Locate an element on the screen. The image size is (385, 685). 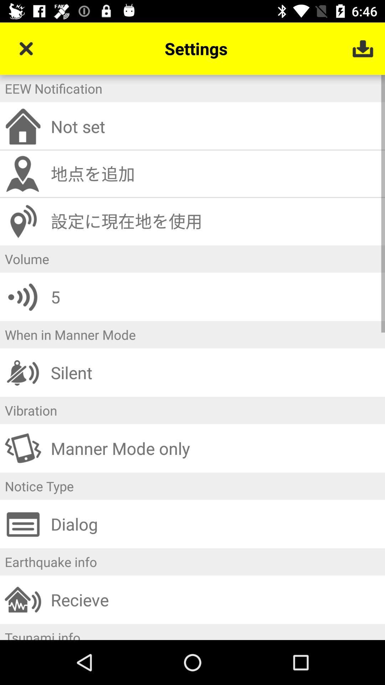
the dialog is located at coordinates (215, 524).